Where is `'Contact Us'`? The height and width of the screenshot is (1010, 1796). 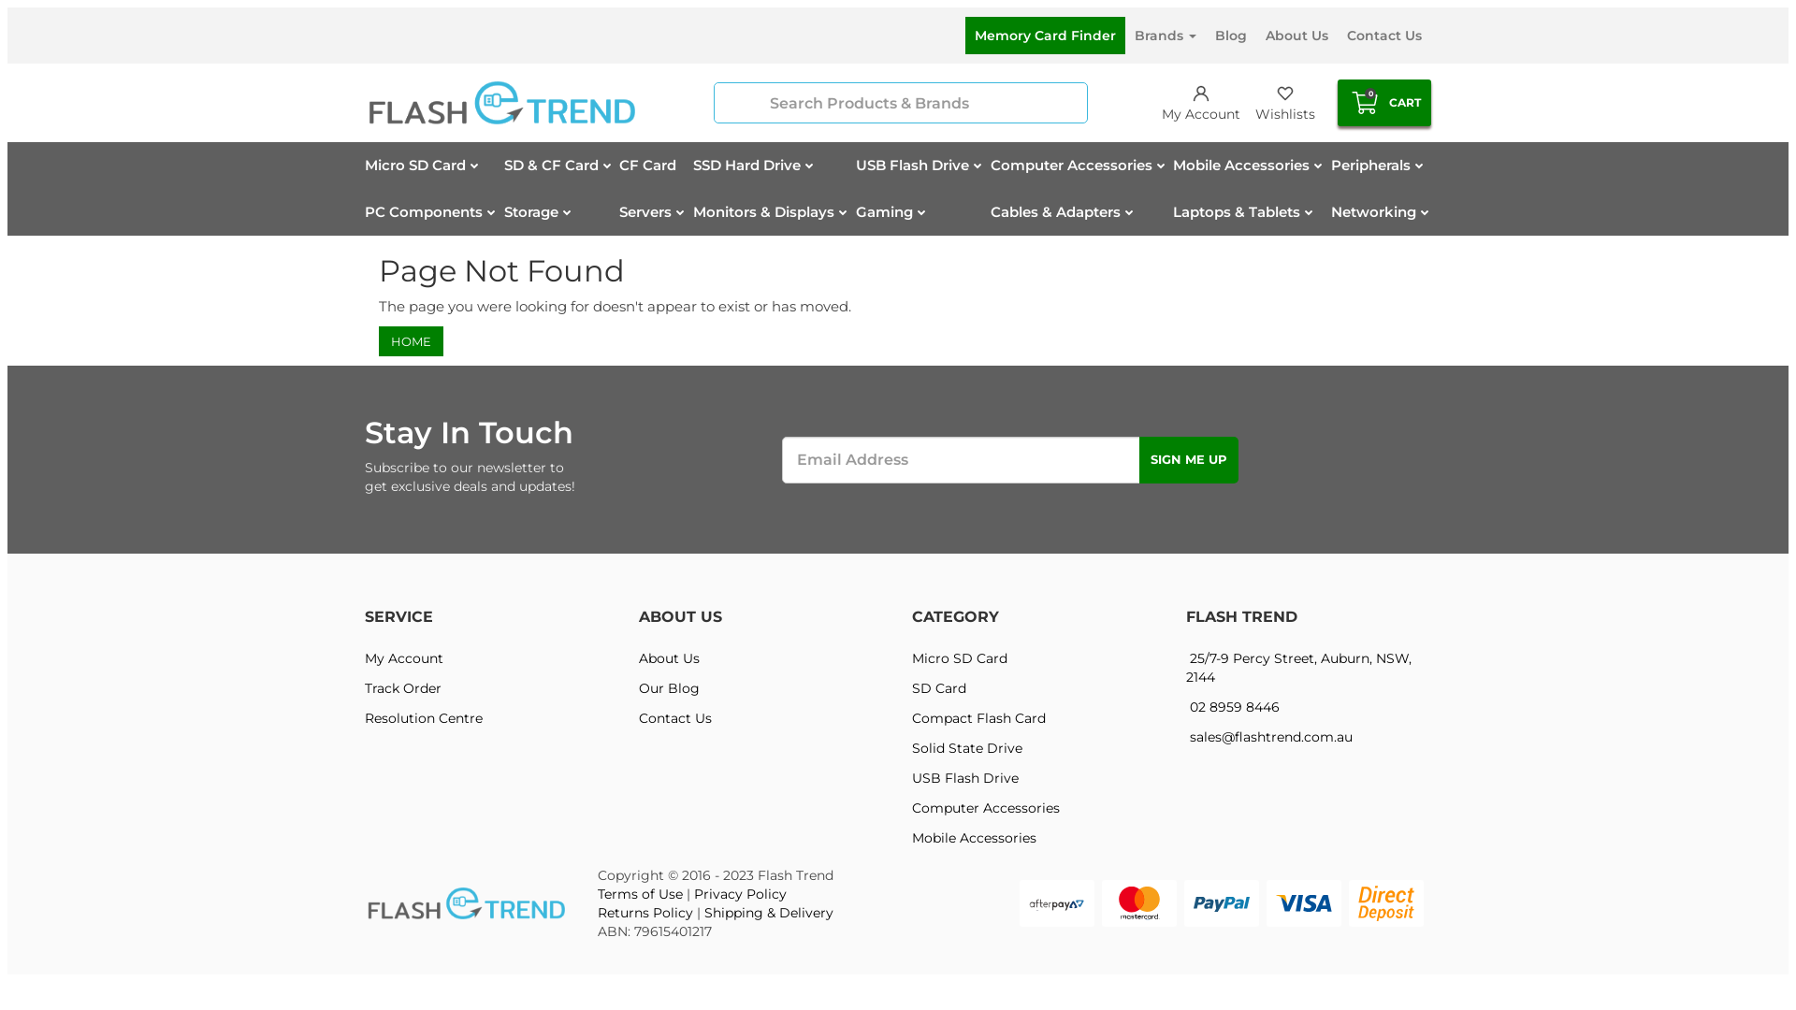
'Contact Us' is located at coordinates (1383, 36).